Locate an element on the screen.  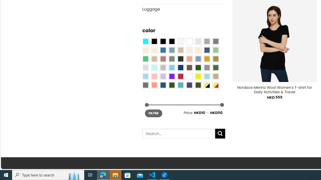
'Pink' is located at coordinates (154, 76).